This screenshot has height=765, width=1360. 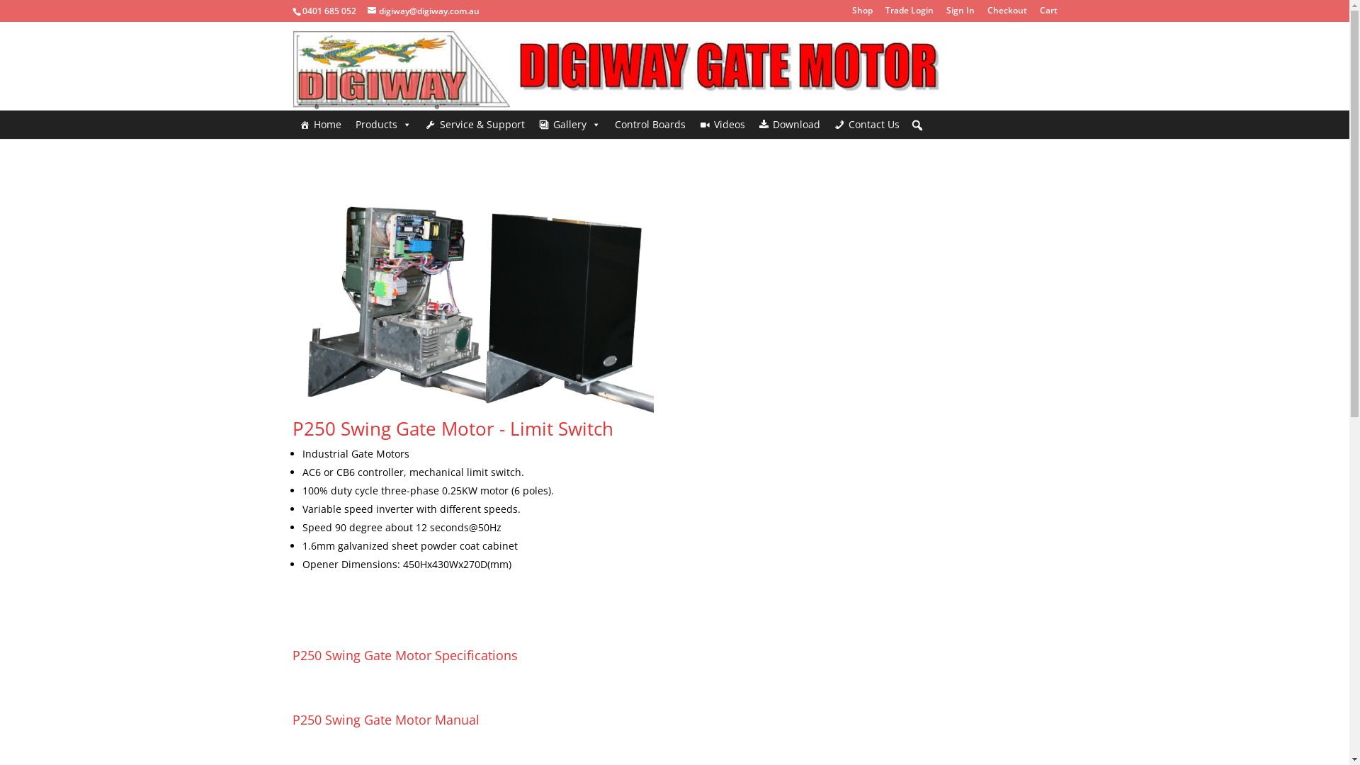 I want to click on 'Gallery', so click(x=530, y=124).